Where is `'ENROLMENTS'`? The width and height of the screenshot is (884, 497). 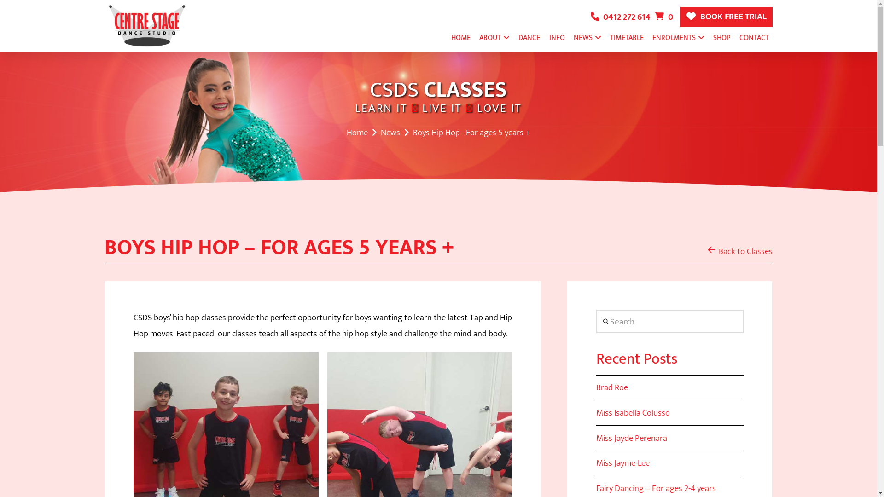
'ENROLMENTS' is located at coordinates (678, 37).